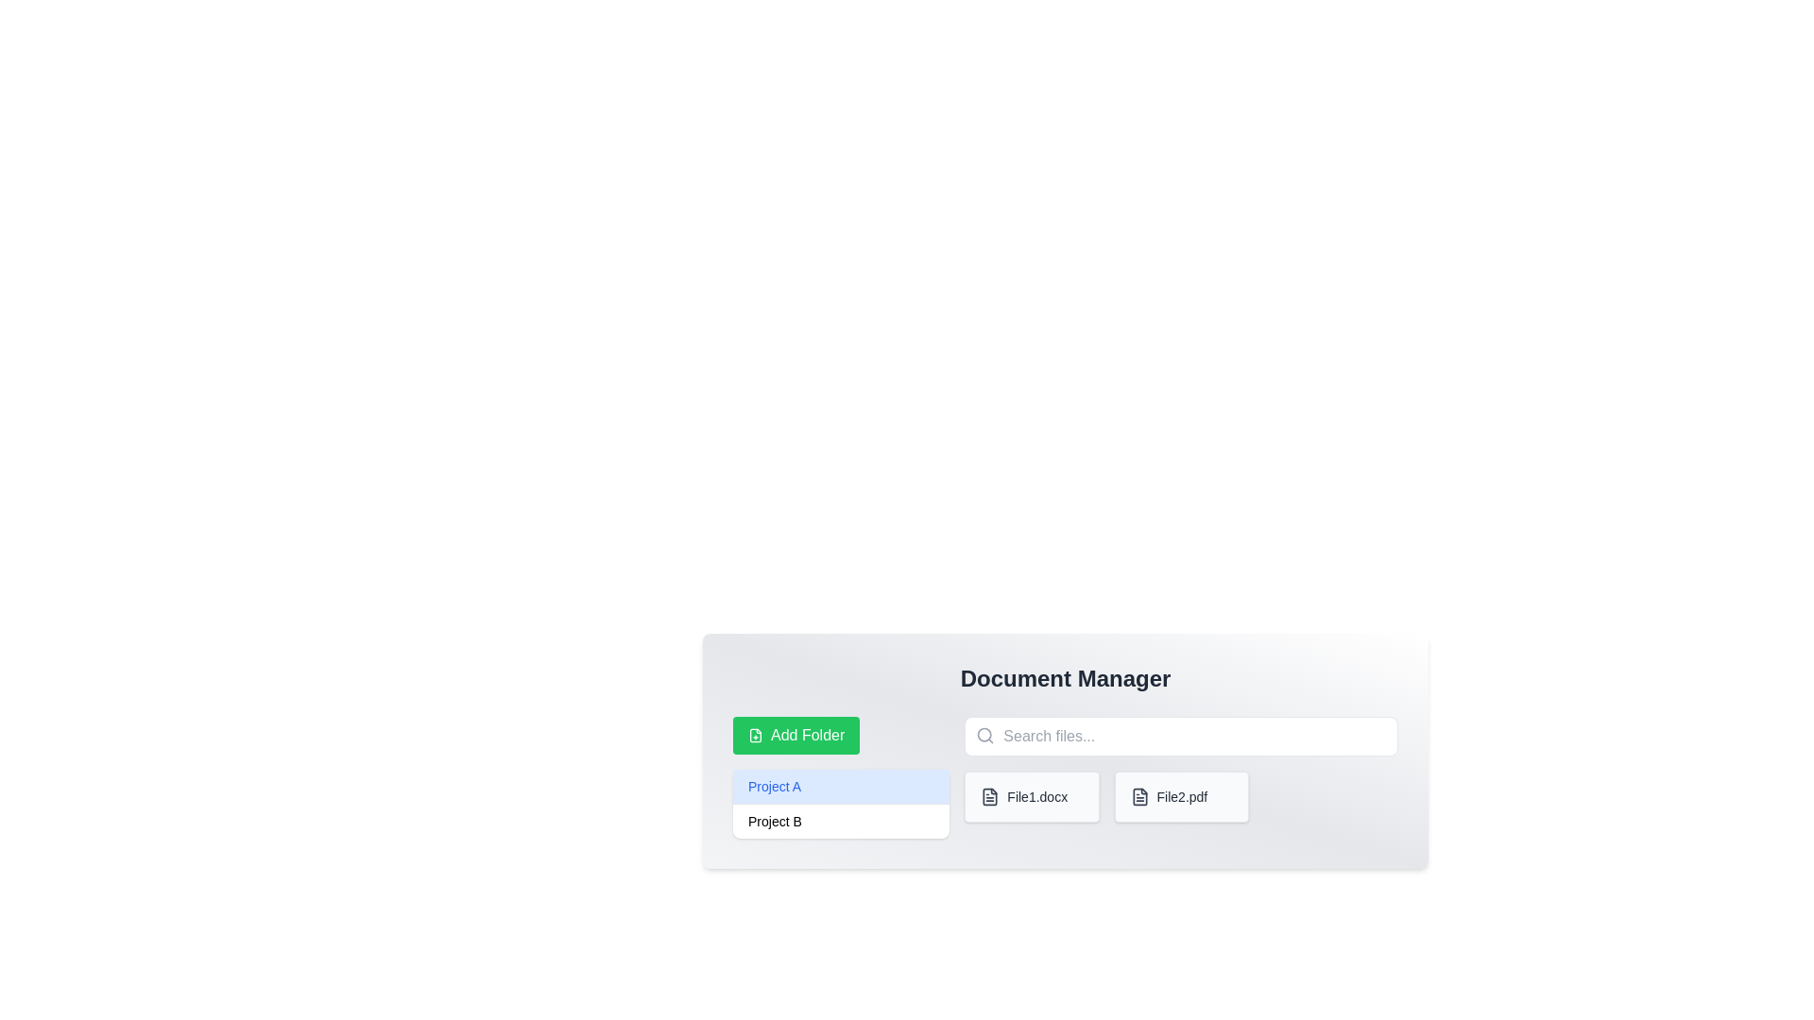 The height and width of the screenshot is (1020, 1814). Describe the element at coordinates (1180, 797) in the screenshot. I see `the File card labeled 'File2.pdf' which is the second card` at that location.